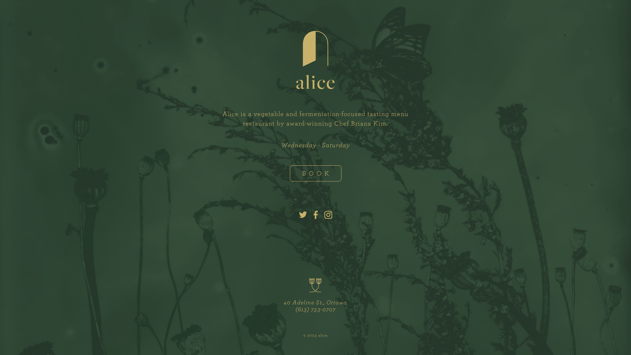  I want to click on '(613) 733-0707', so click(315, 309).